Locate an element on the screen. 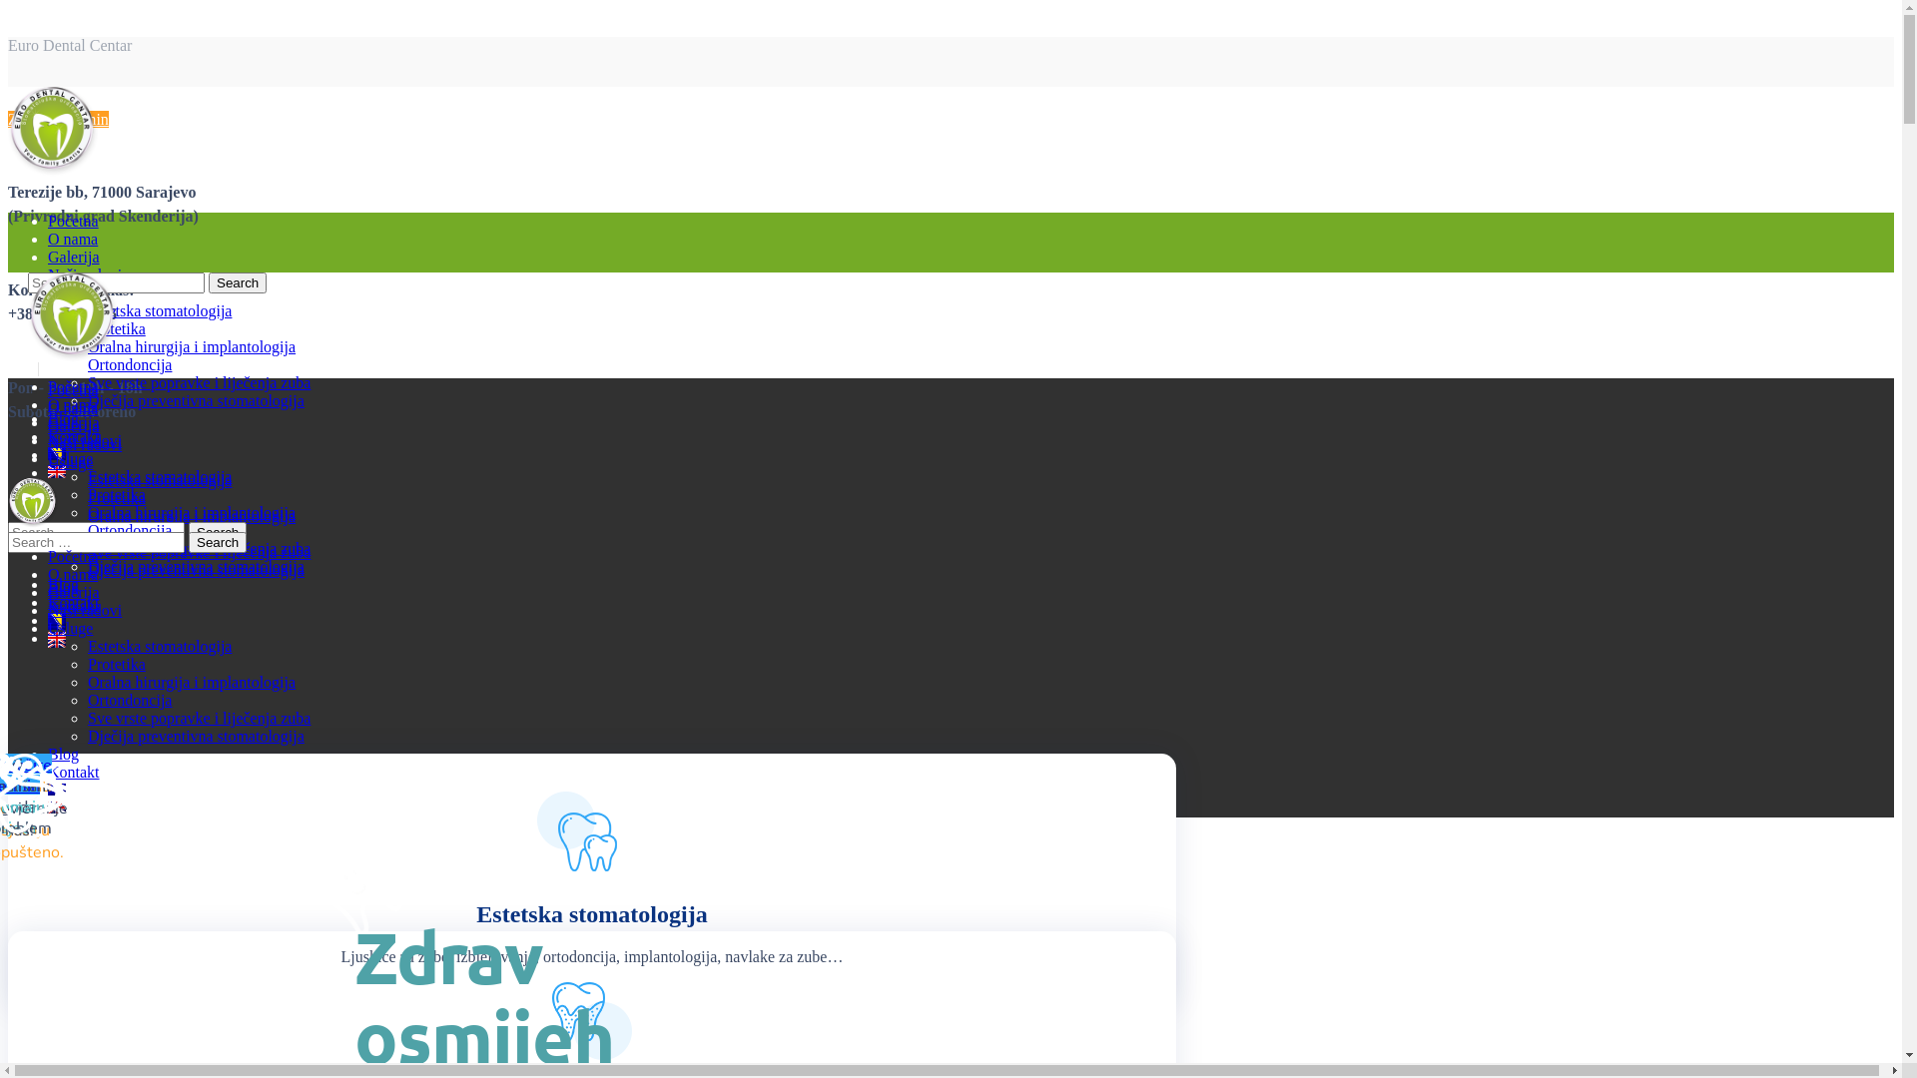  'Galerija' is located at coordinates (48, 425).